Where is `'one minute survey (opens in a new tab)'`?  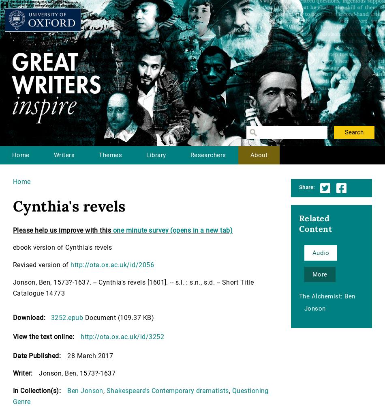 'one minute survey (opens in a new tab)' is located at coordinates (172, 230).